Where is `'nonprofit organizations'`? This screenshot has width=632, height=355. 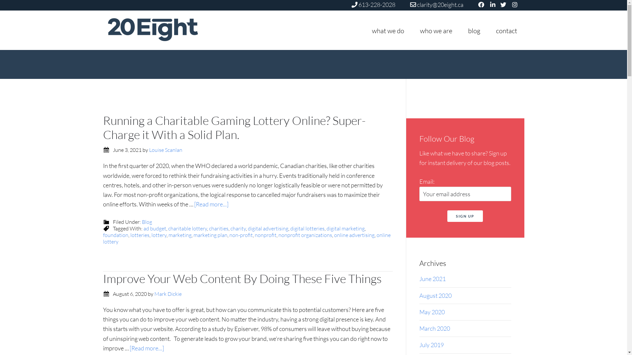
'nonprofit organizations' is located at coordinates (305, 234).